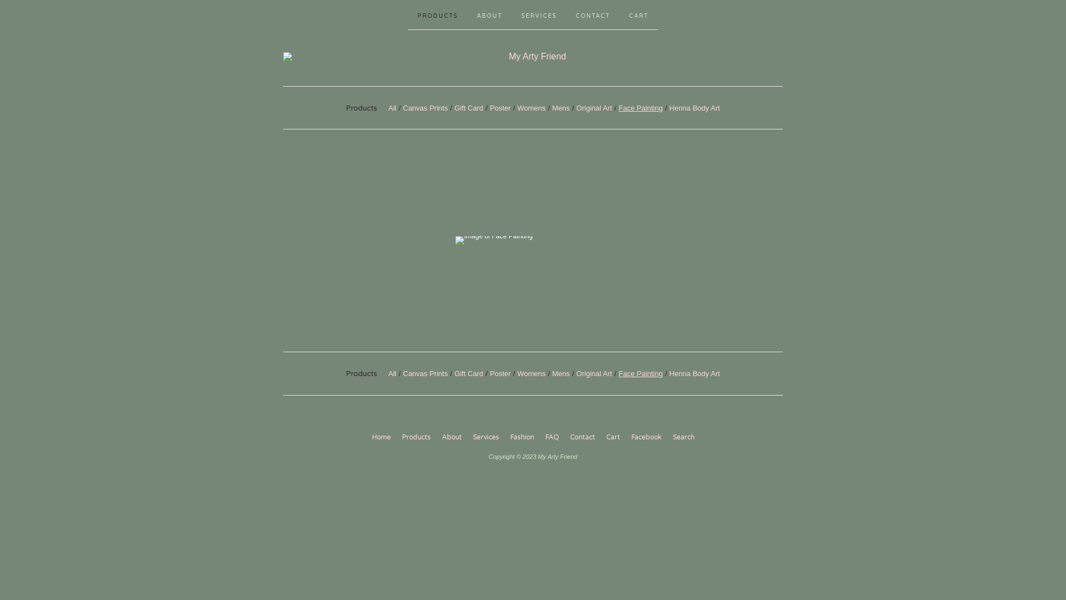  What do you see at coordinates (510, 477) in the screenshot?
I see `'Powered by Big Cartel'` at bounding box center [510, 477].